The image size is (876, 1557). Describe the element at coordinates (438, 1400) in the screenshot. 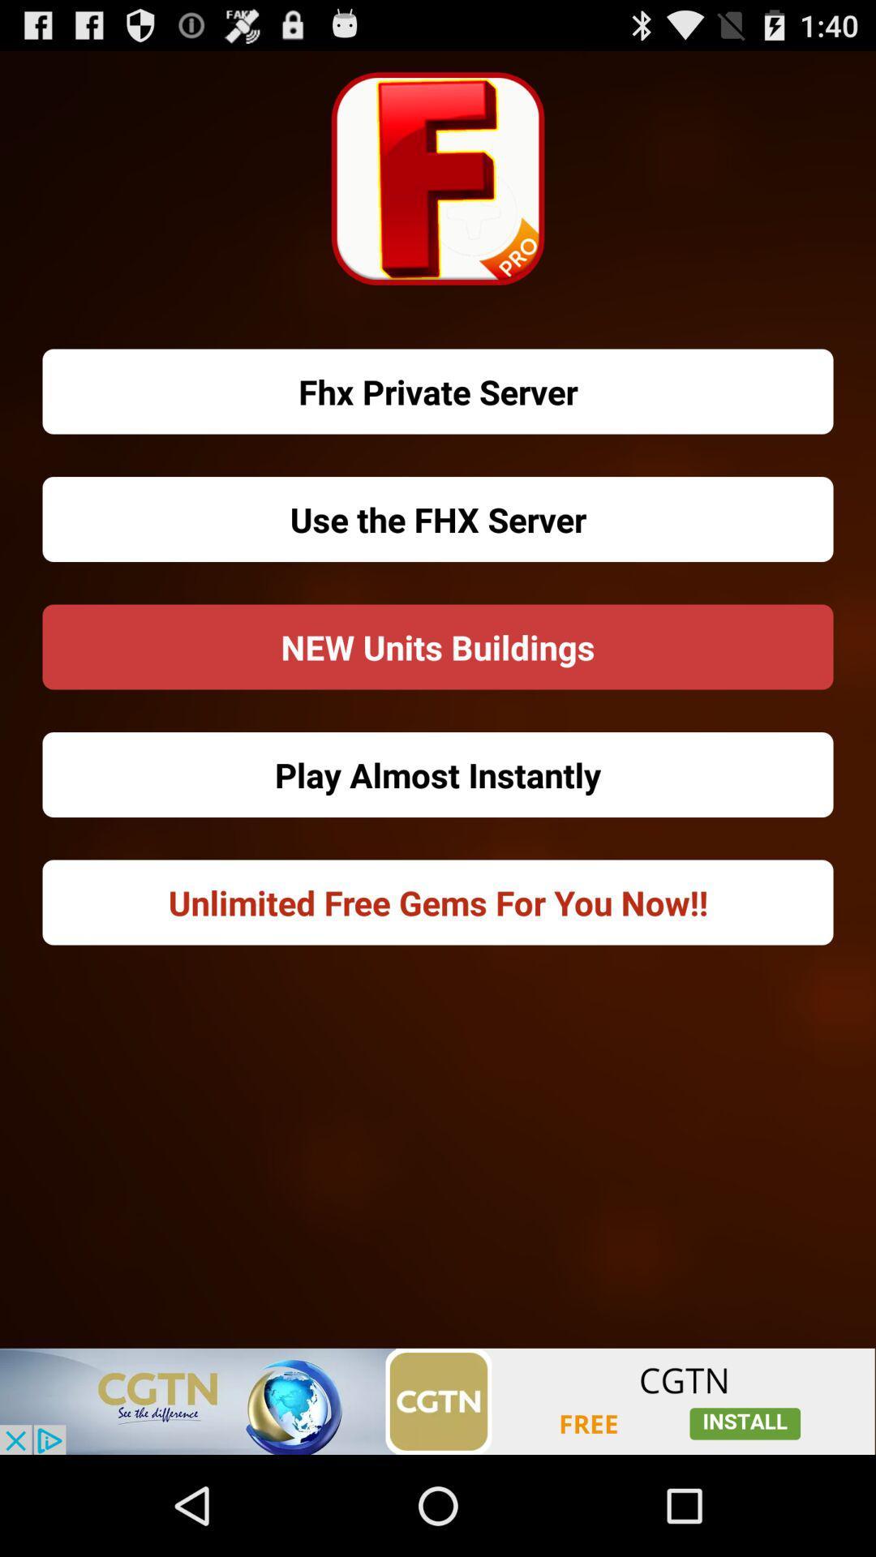

I see `open an advertised app` at that location.